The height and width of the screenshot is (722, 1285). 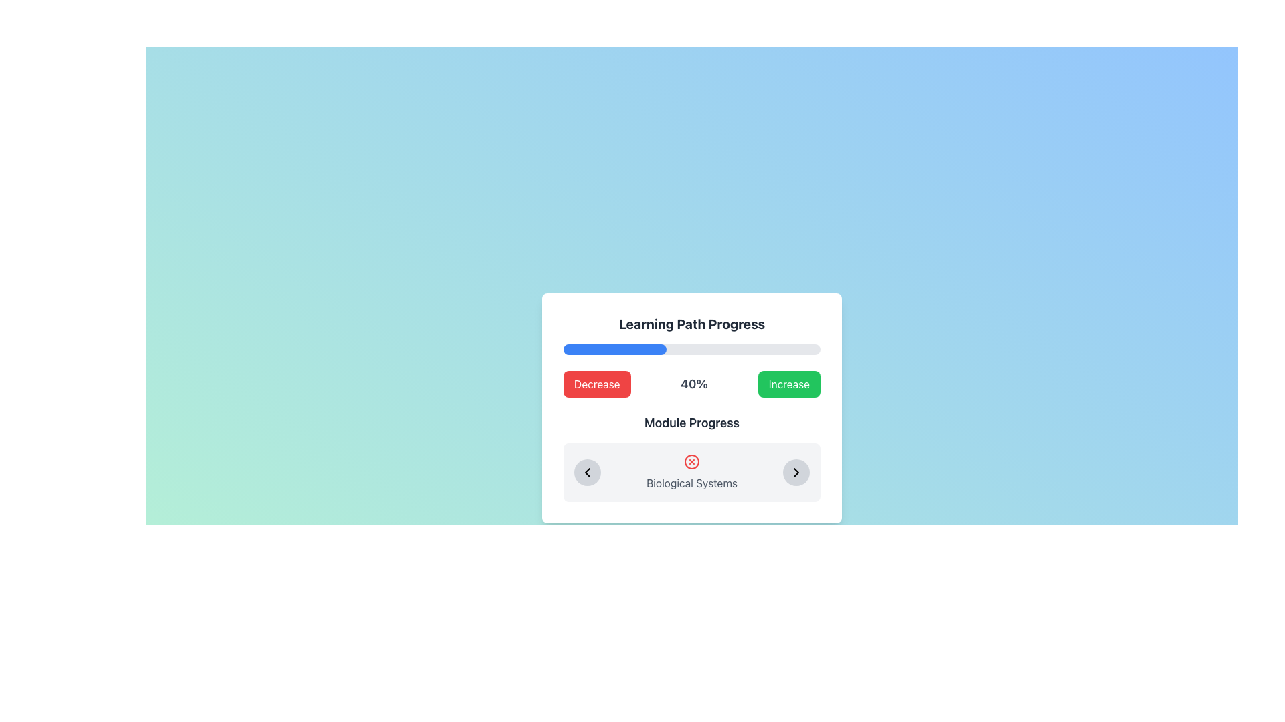 I want to click on the Chevron Right icon within the navigation button located on the far right of the Module Progress section, so click(x=796, y=471).